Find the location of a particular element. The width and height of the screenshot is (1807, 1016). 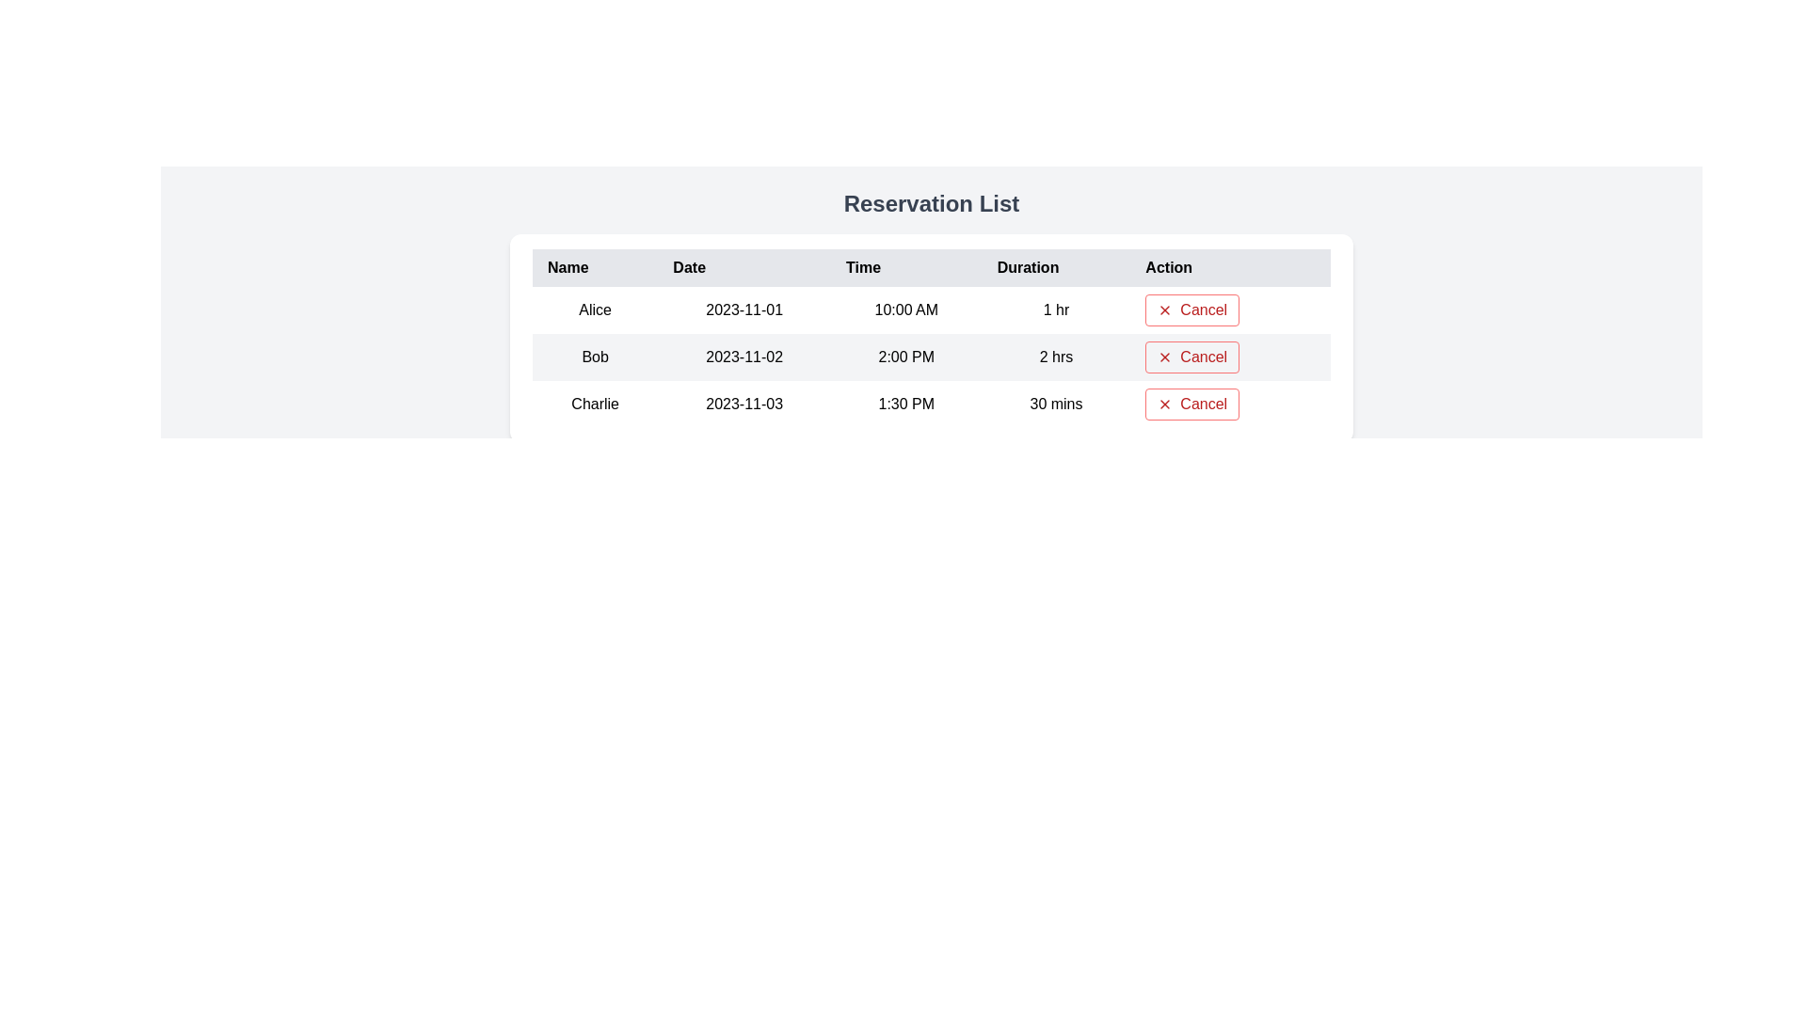

the Text Display element indicating the duration of the reservation for Charlie, located in the fourth column of the third row under the 'Duration' column is located at coordinates (1056, 403).